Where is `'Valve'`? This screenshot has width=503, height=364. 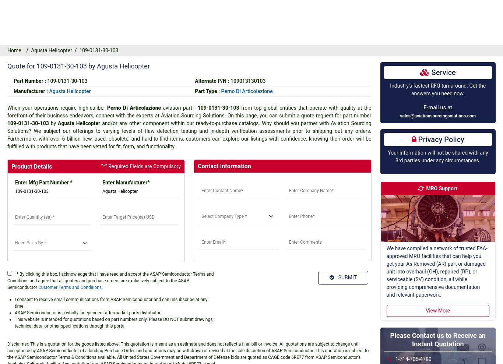 'Valve' is located at coordinates (259, 40).